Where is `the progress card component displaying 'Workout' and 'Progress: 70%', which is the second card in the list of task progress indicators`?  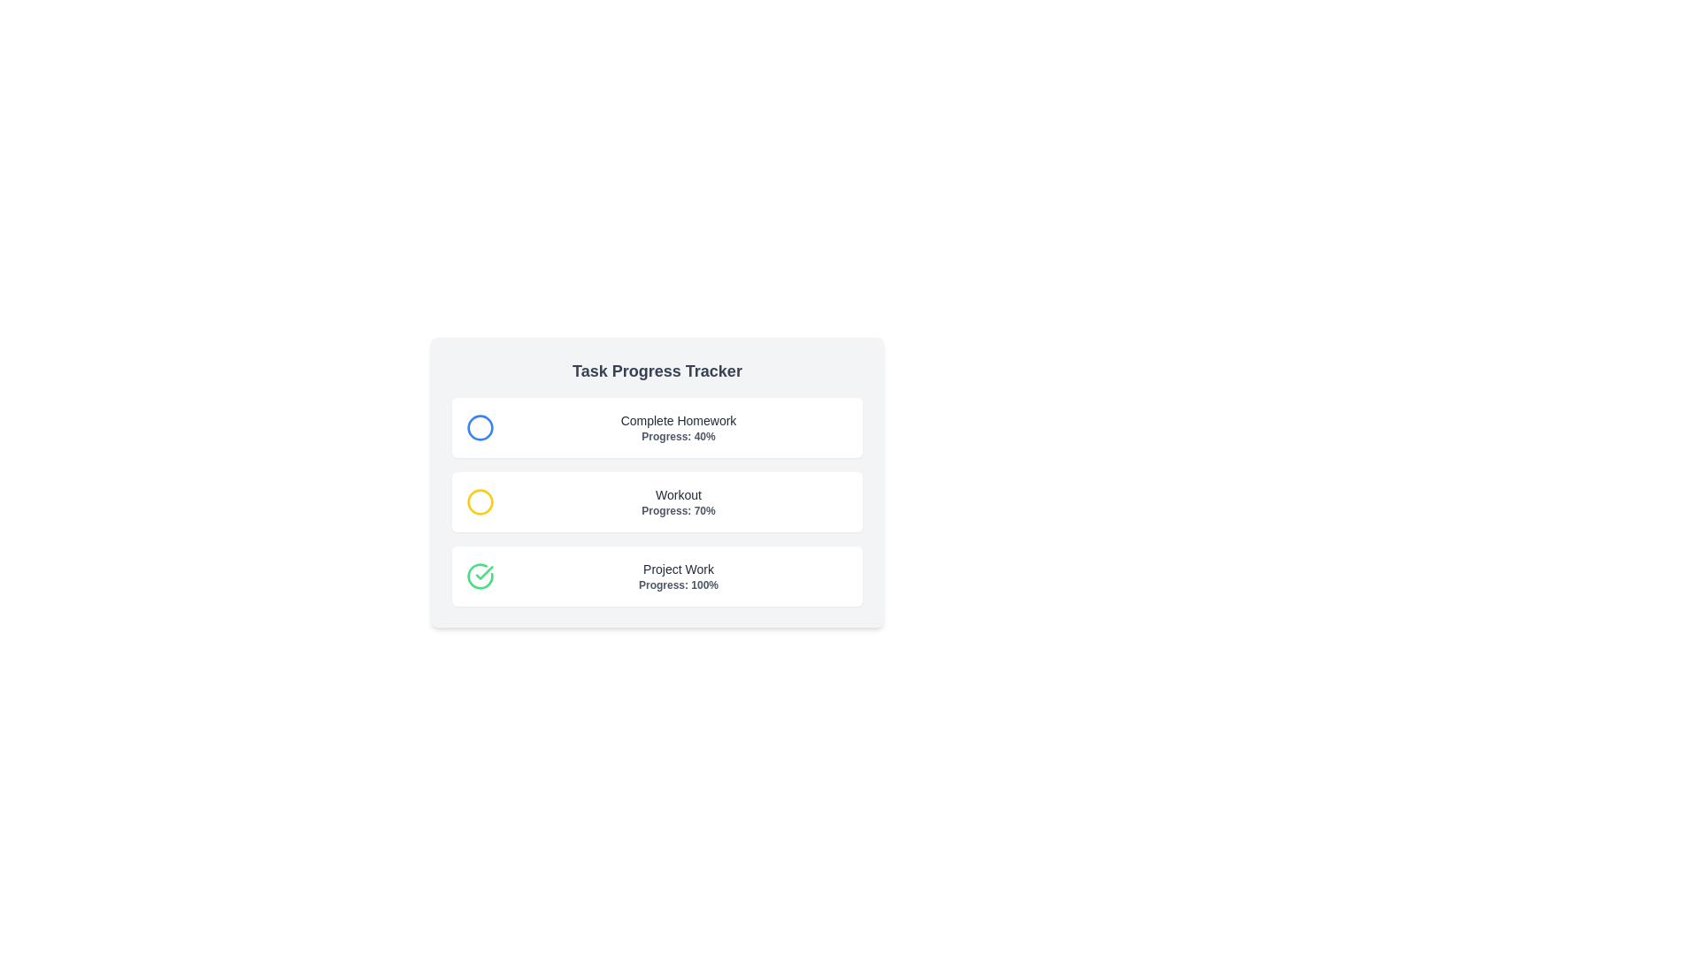 the progress card component displaying 'Workout' and 'Progress: 70%', which is the second card in the list of task progress indicators is located at coordinates (657, 501).